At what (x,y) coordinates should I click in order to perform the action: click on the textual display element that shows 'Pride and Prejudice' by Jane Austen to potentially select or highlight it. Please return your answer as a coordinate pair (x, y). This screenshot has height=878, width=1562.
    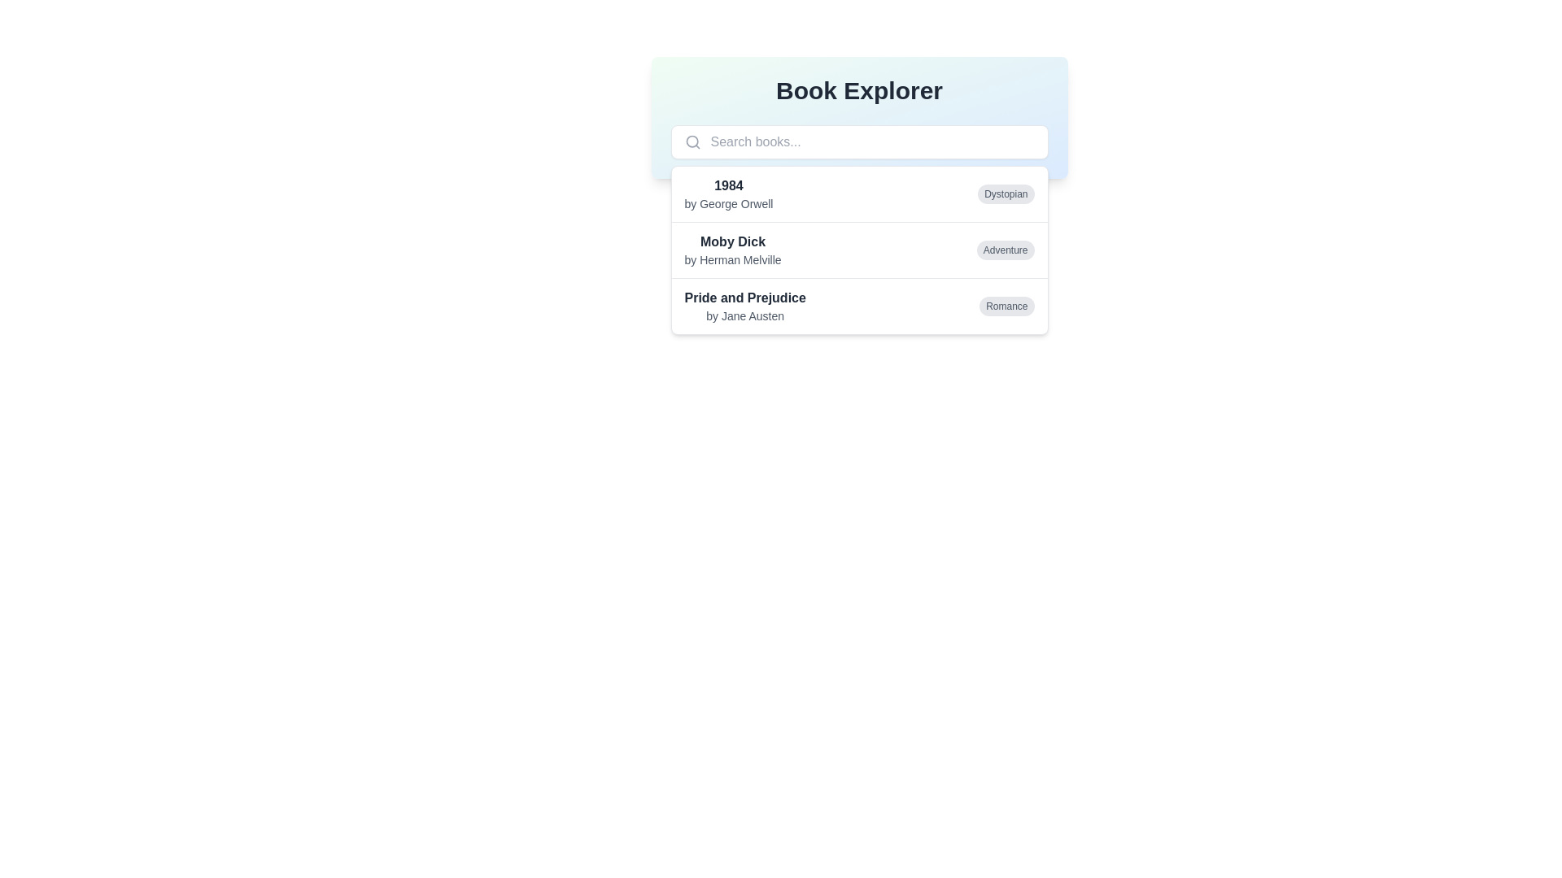
    Looking at the image, I should click on (744, 306).